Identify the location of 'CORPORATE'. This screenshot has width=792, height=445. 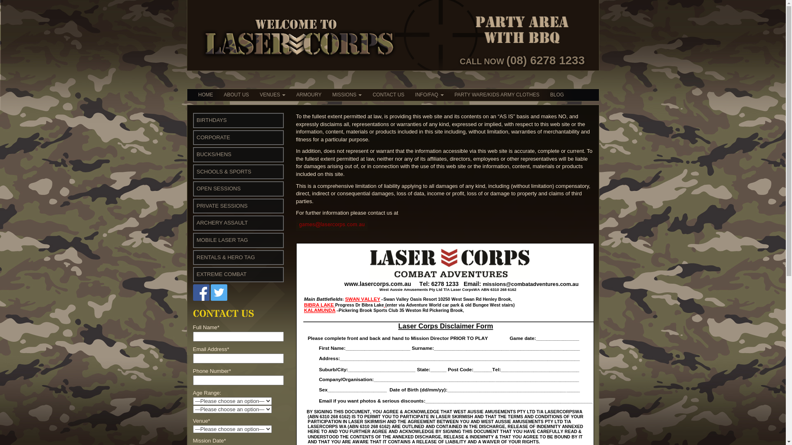
(196, 137).